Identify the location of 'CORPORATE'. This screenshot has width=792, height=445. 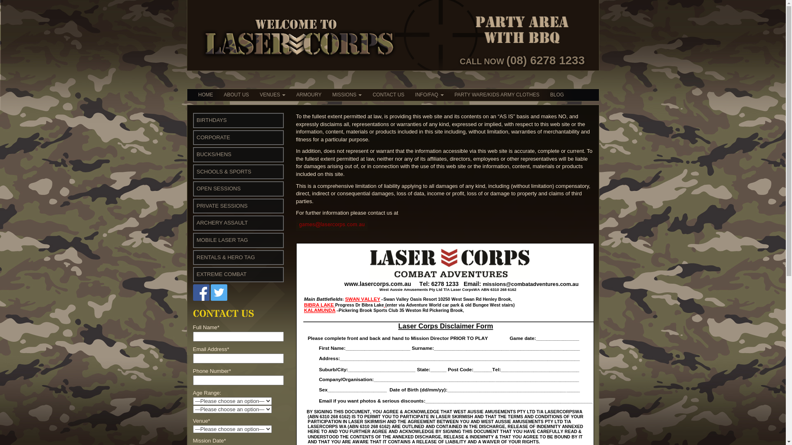
(196, 137).